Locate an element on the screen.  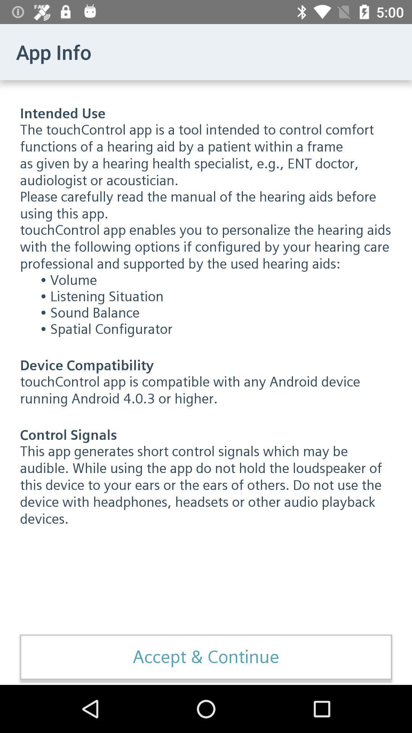
the icon below this app generates item is located at coordinates (206, 657).